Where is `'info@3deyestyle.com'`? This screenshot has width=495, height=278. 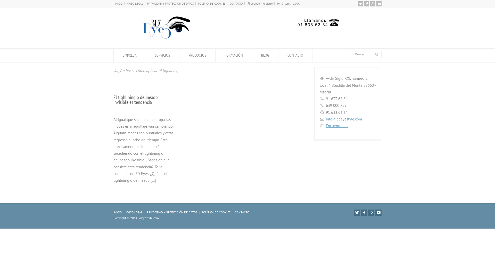
'info@3deyestyle.com' is located at coordinates (344, 119).